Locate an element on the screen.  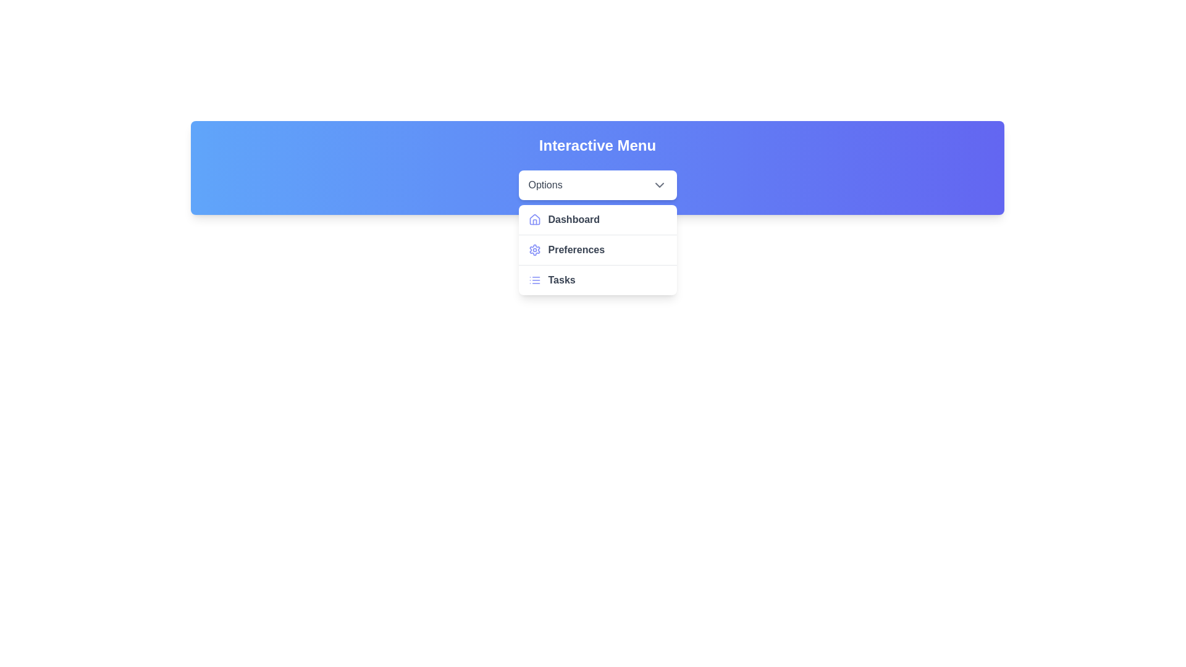
the settings icon rendered via SVG in the 'Preferences' menu is located at coordinates (534, 250).